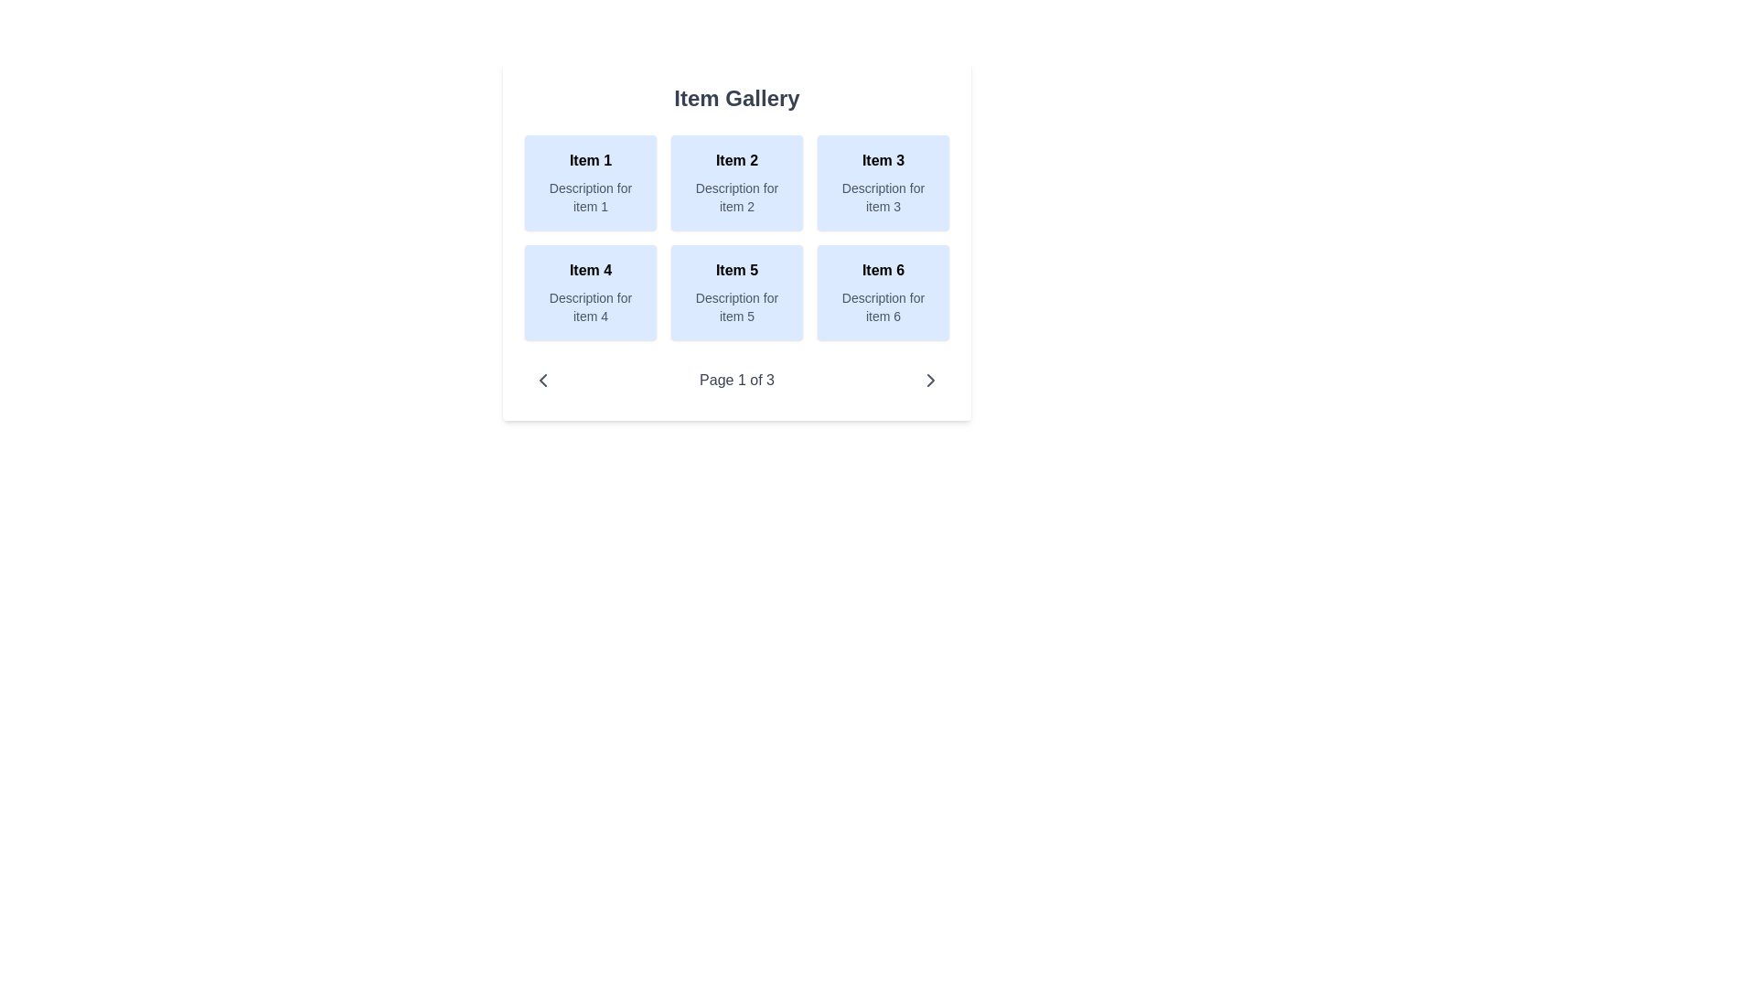 Image resolution: width=1756 pixels, height=988 pixels. Describe the element at coordinates (930, 380) in the screenshot. I see `the right-facing arrow SVG element located near the bottom-right corner of the interface` at that location.